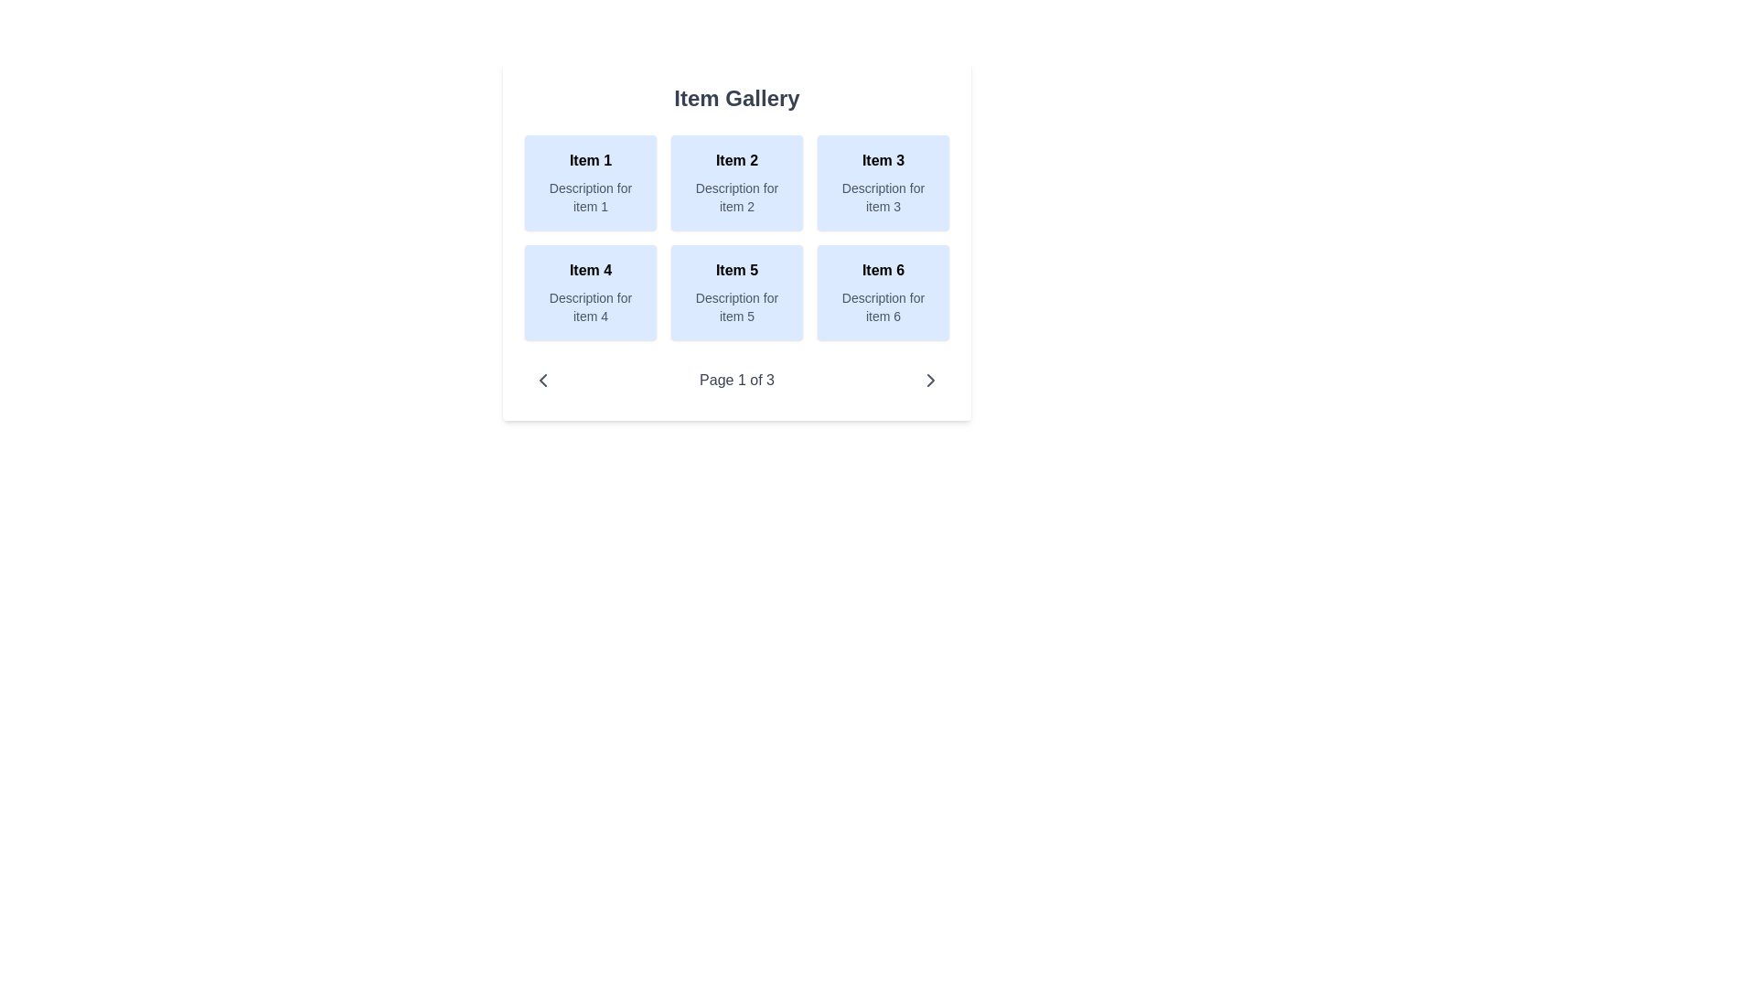 Image resolution: width=1756 pixels, height=988 pixels. Describe the element at coordinates (930, 380) in the screenshot. I see `the right-facing arrow SVG element located near the bottom-right corner of the interface` at that location.